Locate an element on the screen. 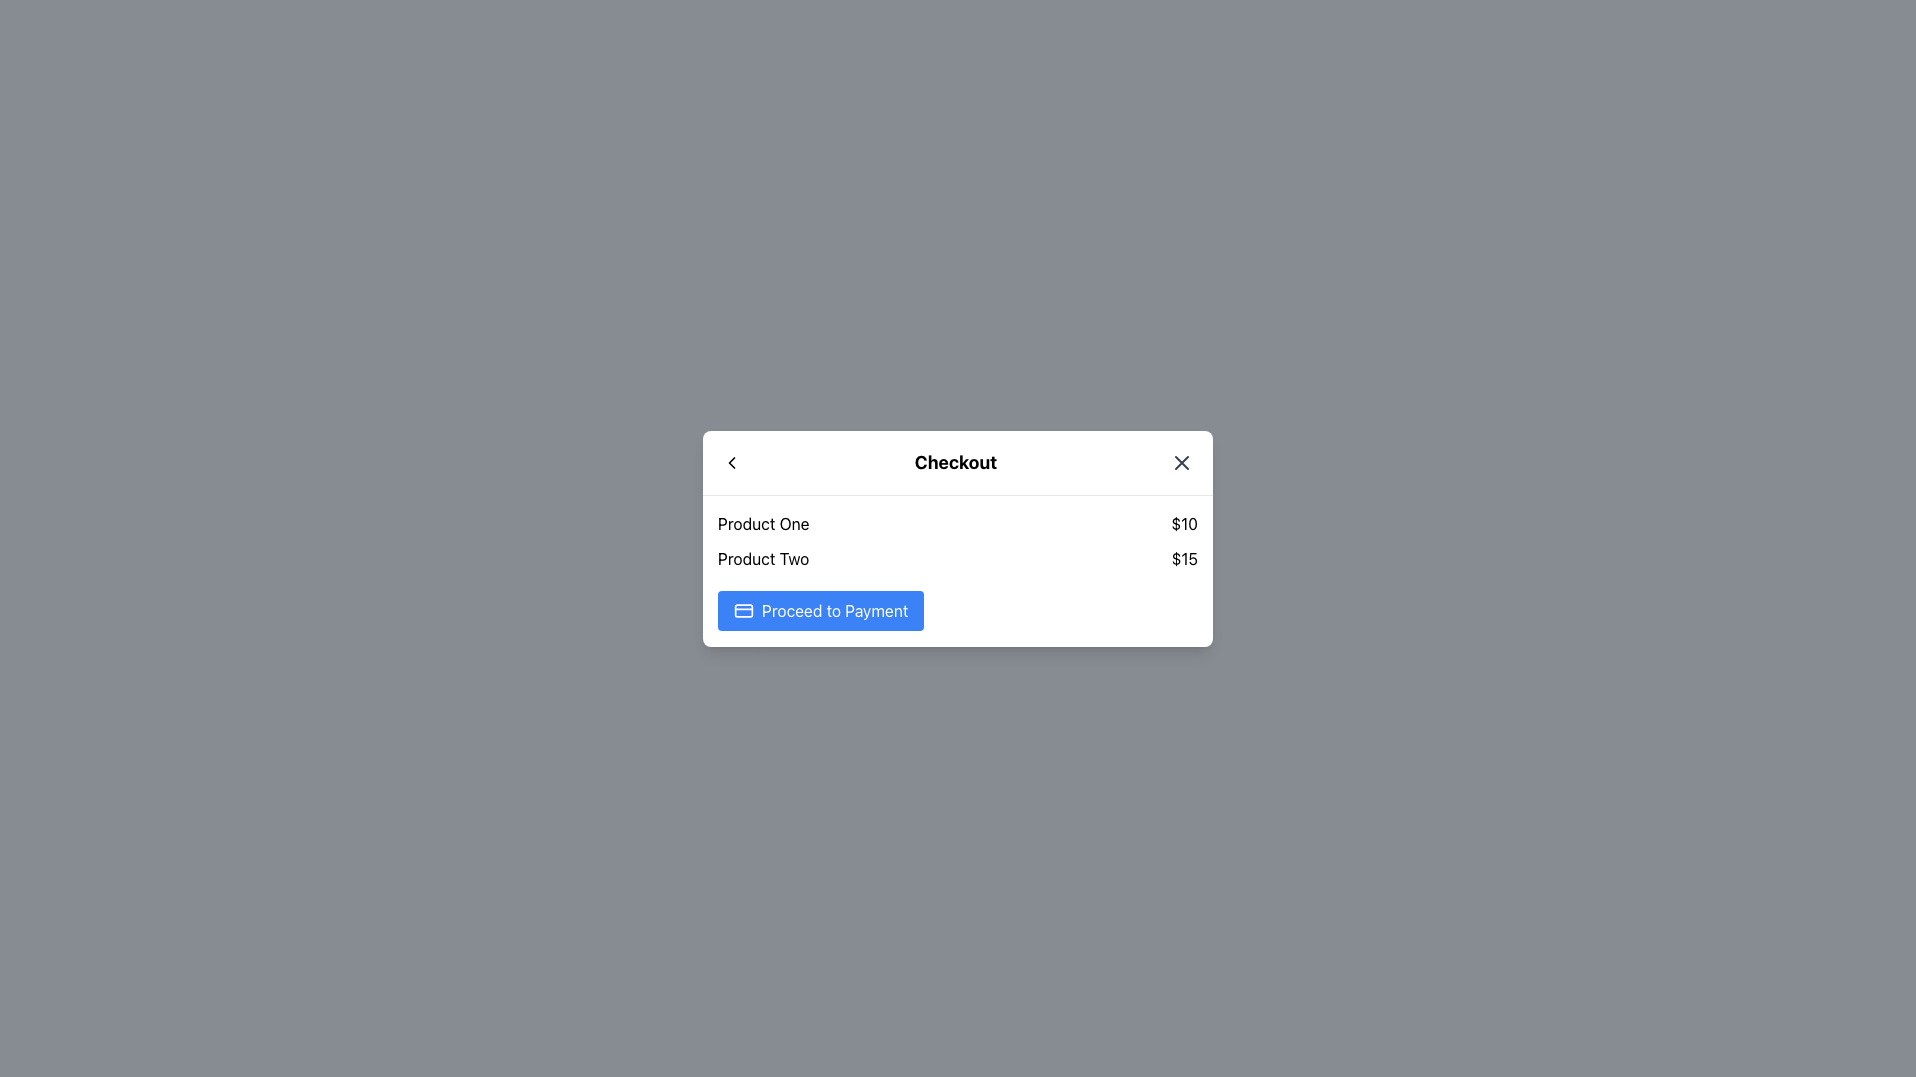  the payment or credit card icon located to the left of the 'Proceed to Payment' button at the bottom of the checkout modal is located at coordinates (742, 609).